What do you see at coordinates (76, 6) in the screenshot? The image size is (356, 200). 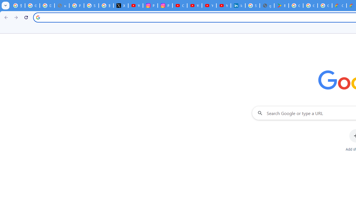 I see `'Privacy Help Center - Policies Help'` at bounding box center [76, 6].